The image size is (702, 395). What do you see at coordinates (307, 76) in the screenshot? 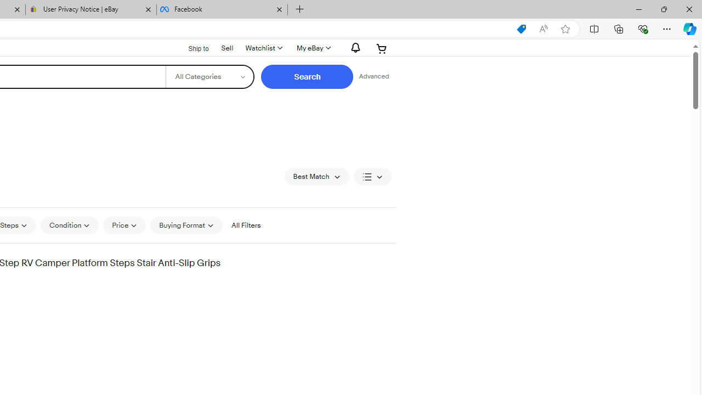
I see `'Search'` at bounding box center [307, 76].